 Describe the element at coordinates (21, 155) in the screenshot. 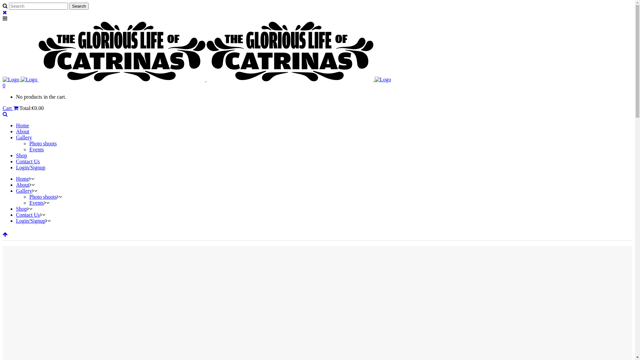

I see `'Shop'` at that location.